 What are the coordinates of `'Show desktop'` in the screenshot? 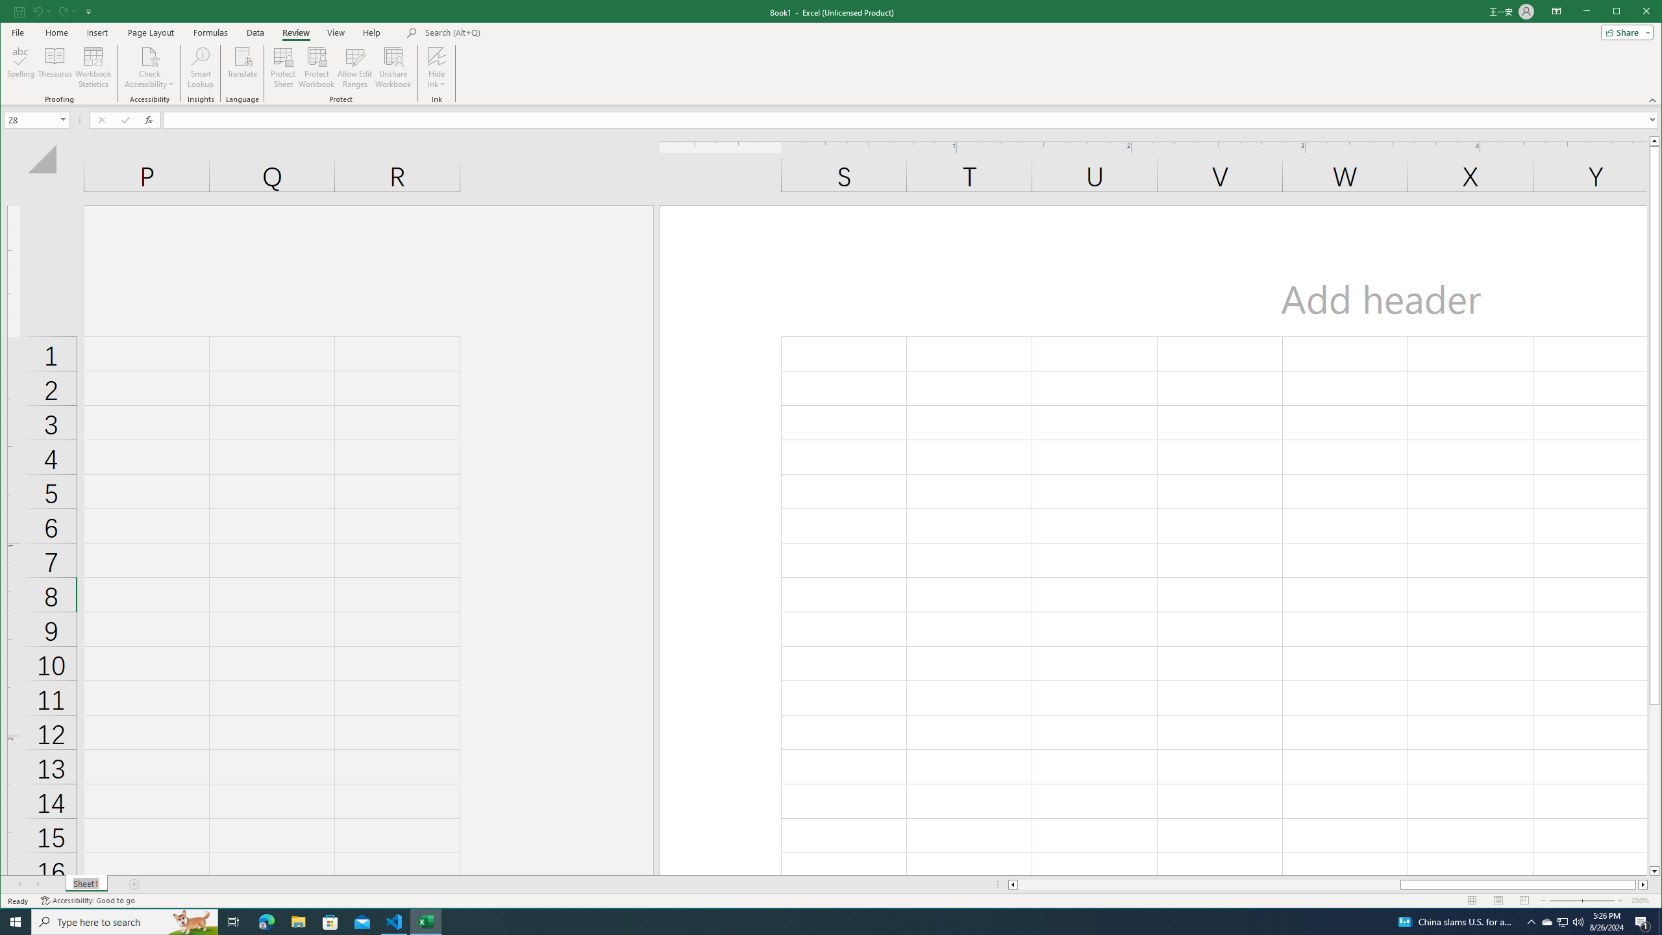 It's located at (1659, 921).